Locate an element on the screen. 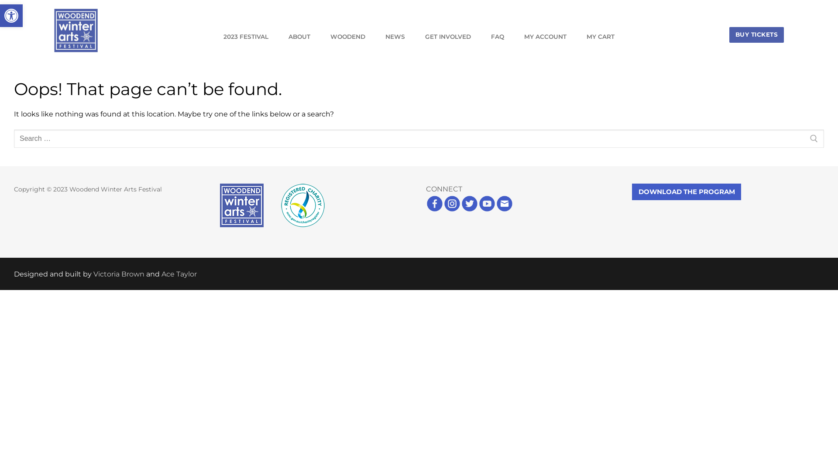  'Instagram' is located at coordinates (443, 210).